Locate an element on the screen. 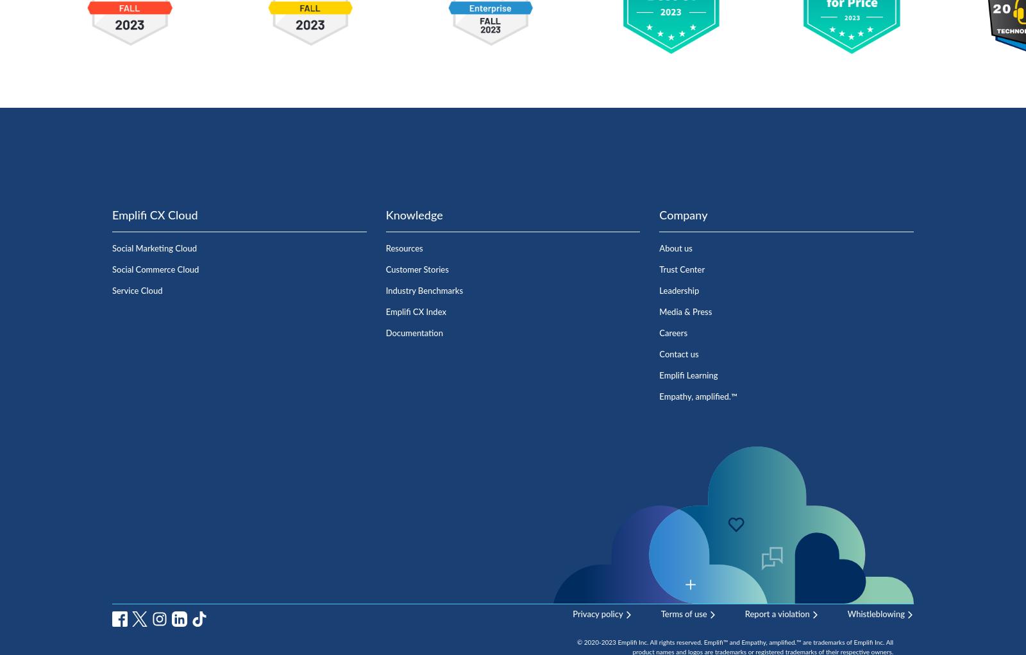  'Industry Benchmarks' is located at coordinates (384, 291).